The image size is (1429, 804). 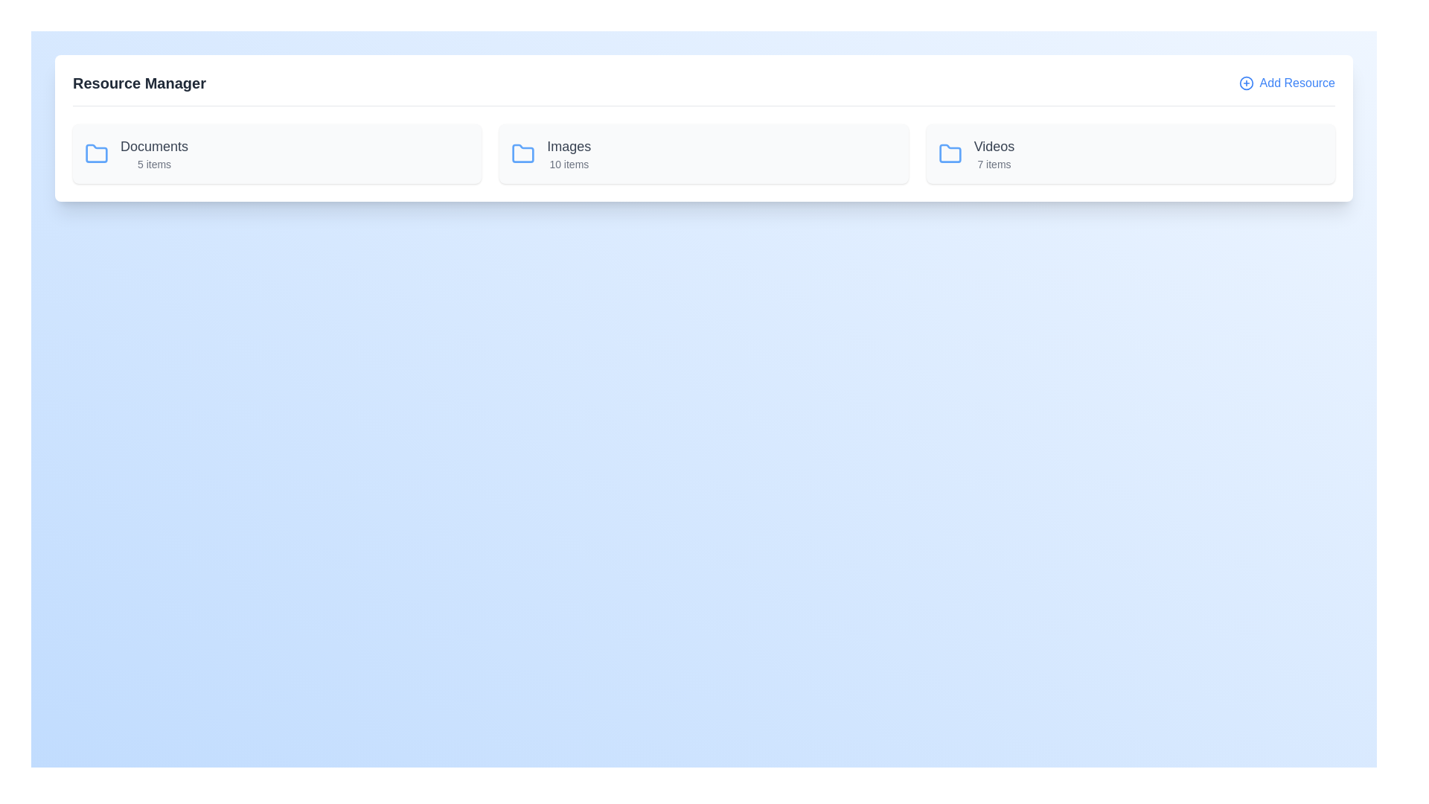 I want to click on the static text label that serves as the title for the folder labeled 'Documents' in the Resource Manager interface, so click(x=154, y=146).